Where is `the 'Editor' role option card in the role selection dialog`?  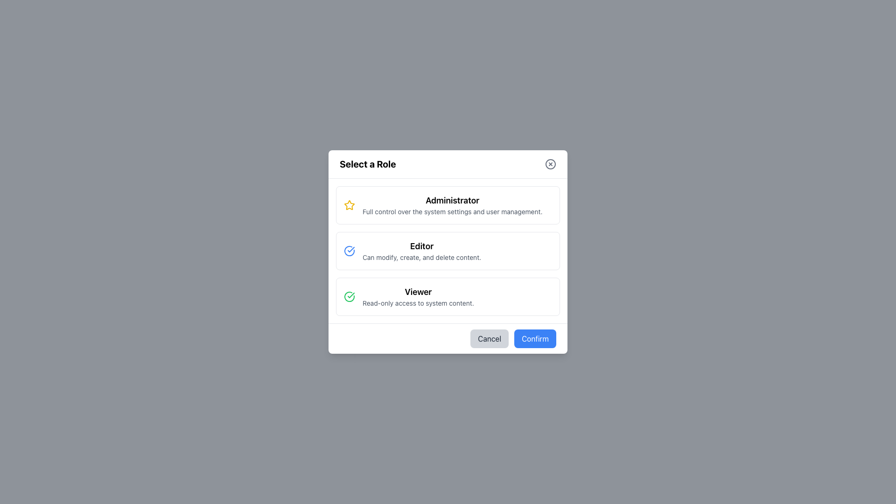 the 'Editor' role option card in the role selection dialog is located at coordinates (448, 252).